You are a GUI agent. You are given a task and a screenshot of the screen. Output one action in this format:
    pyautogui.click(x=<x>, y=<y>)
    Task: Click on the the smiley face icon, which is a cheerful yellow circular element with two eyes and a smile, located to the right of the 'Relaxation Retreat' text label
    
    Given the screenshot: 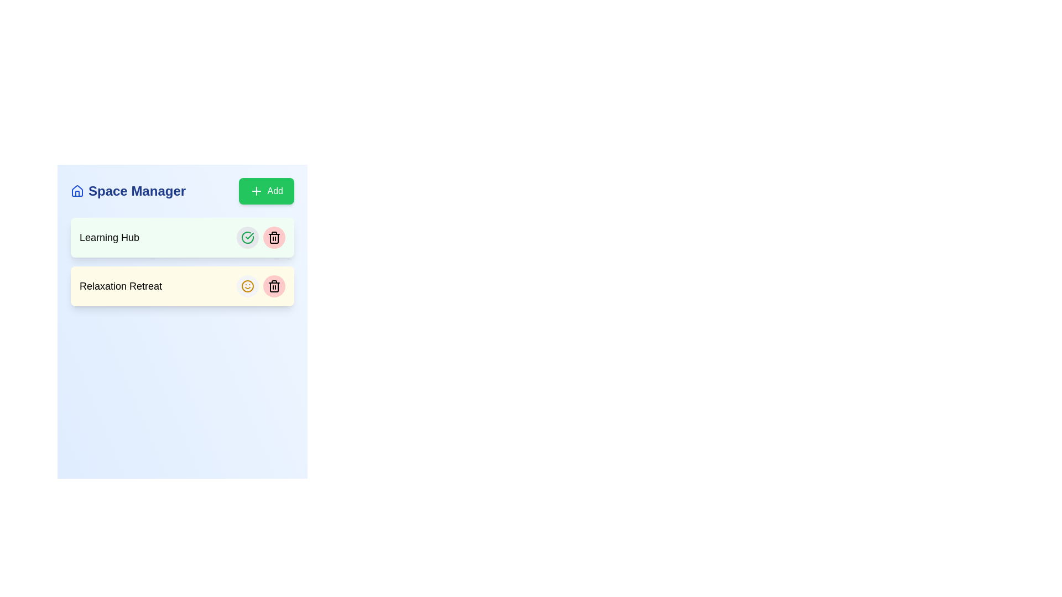 What is the action you would take?
    pyautogui.click(x=247, y=285)
    